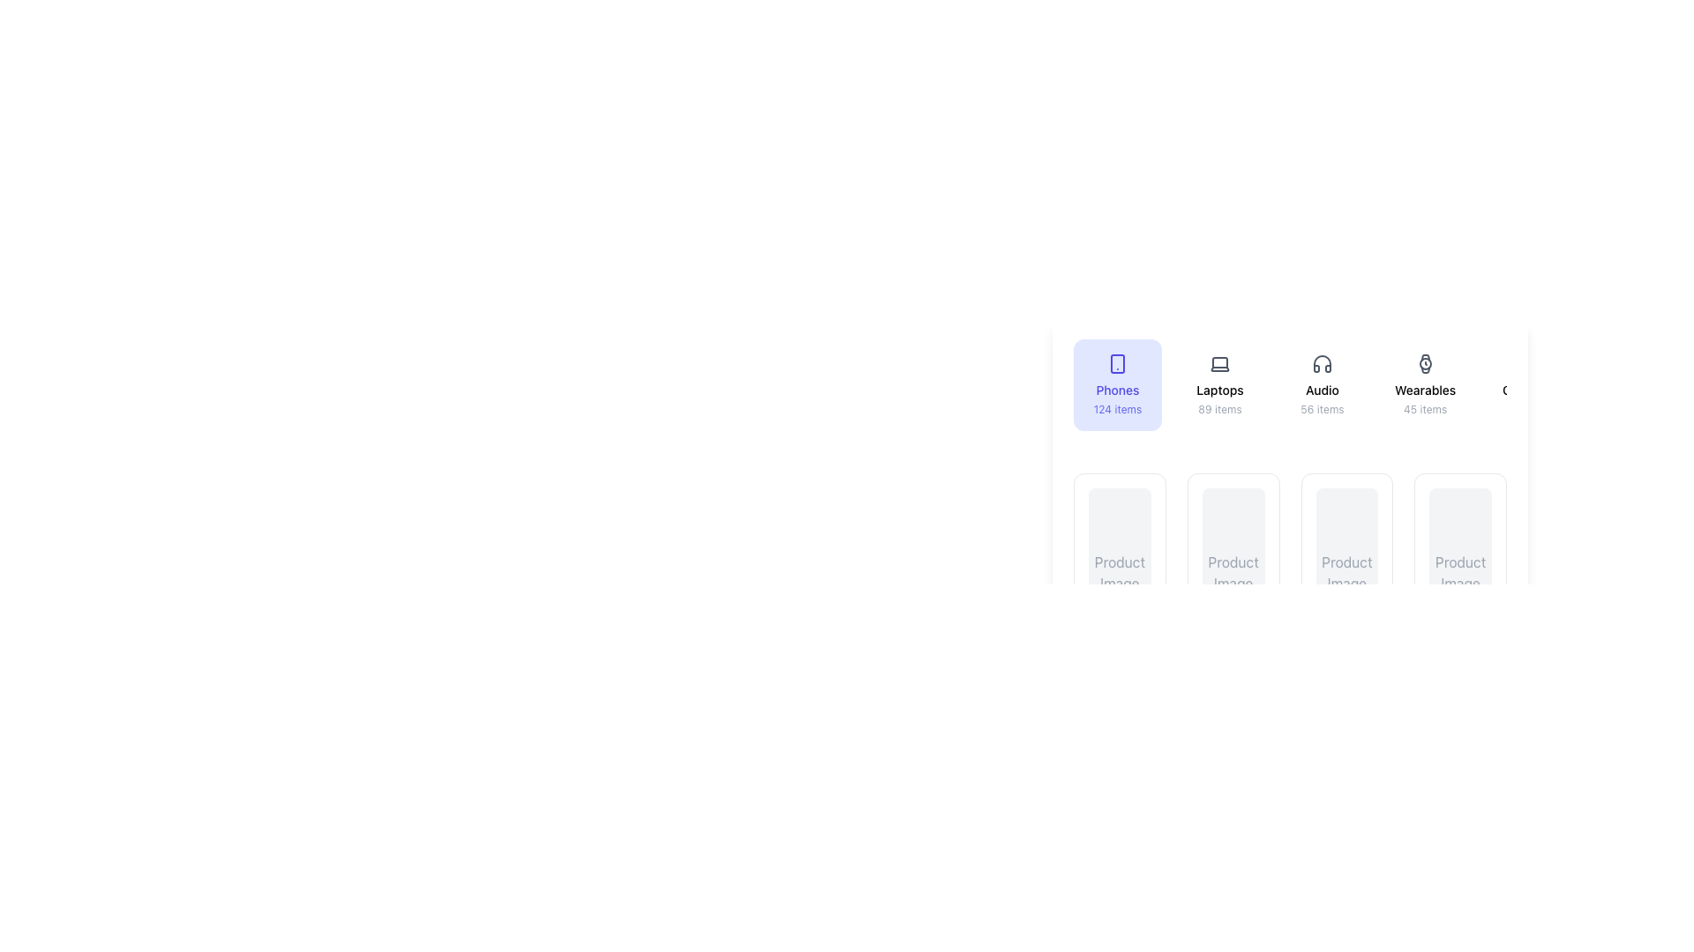 This screenshot has width=1694, height=952. Describe the element at coordinates (1119, 573) in the screenshot. I see `the static text label indicating a product image within the first card of a horizontal list below the 'Phones' header` at that location.